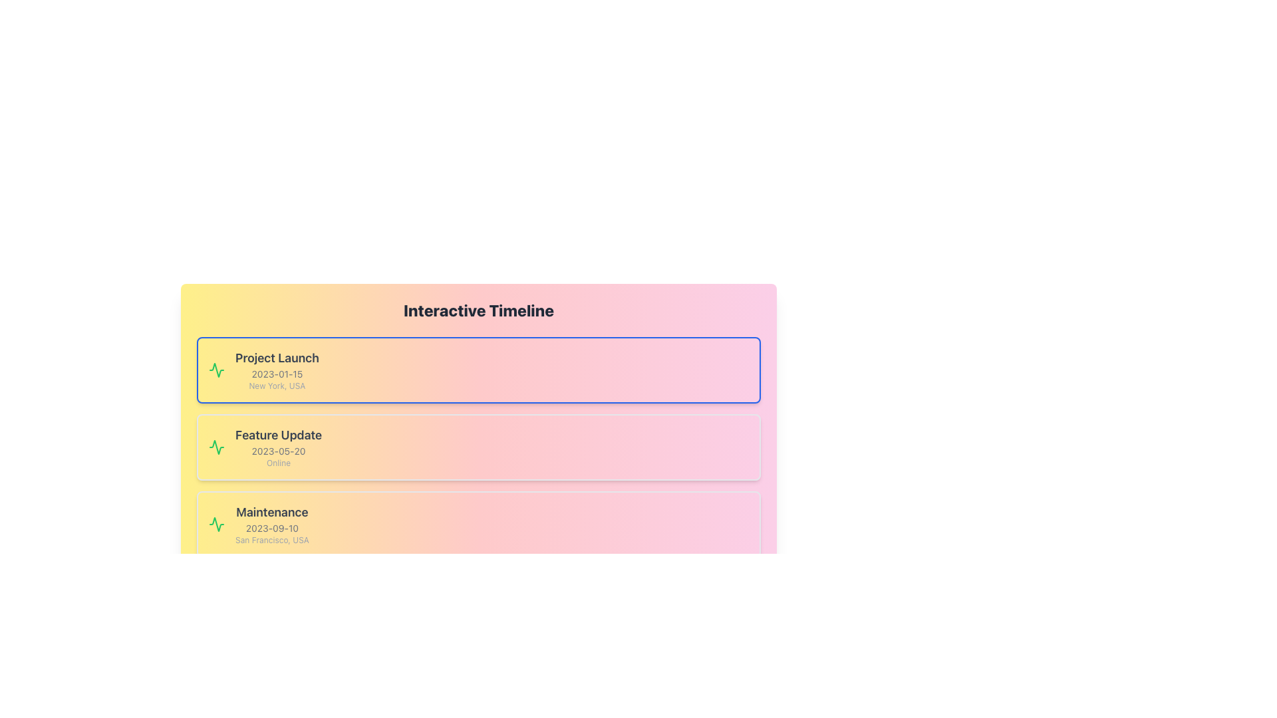 Image resolution: width=1277 pixels, height=718 pixels. What do you see at coordinates (271, 524) in the screenshot?
I see `displayed information from the Text Display Block, which is the third entry in the Interactive Timeline, located below the Feature Update entry` at bounding box center [271, 524].